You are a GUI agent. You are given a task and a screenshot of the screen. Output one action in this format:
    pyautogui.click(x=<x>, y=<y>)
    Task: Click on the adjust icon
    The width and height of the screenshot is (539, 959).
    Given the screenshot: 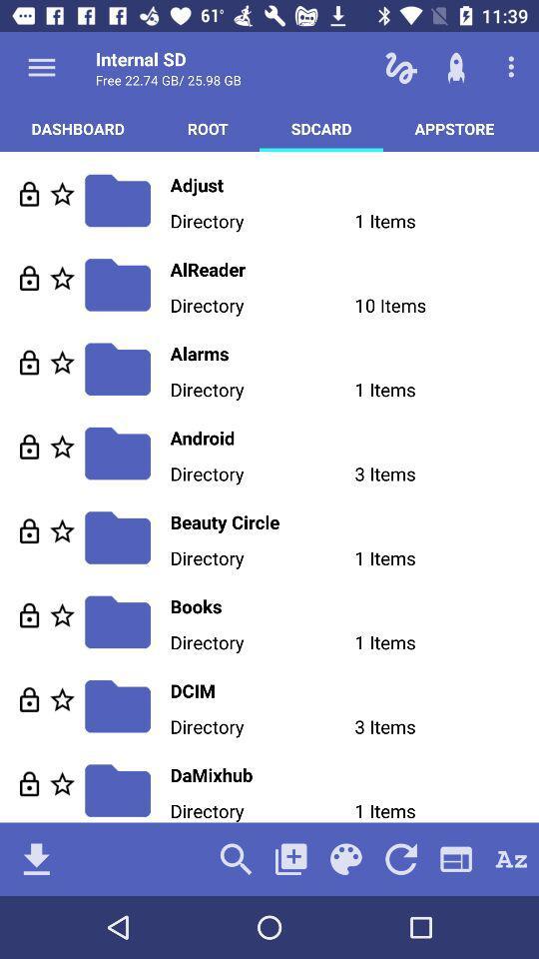 What is the action you would take?
    pyautogui.click(x=353, y=185)
    